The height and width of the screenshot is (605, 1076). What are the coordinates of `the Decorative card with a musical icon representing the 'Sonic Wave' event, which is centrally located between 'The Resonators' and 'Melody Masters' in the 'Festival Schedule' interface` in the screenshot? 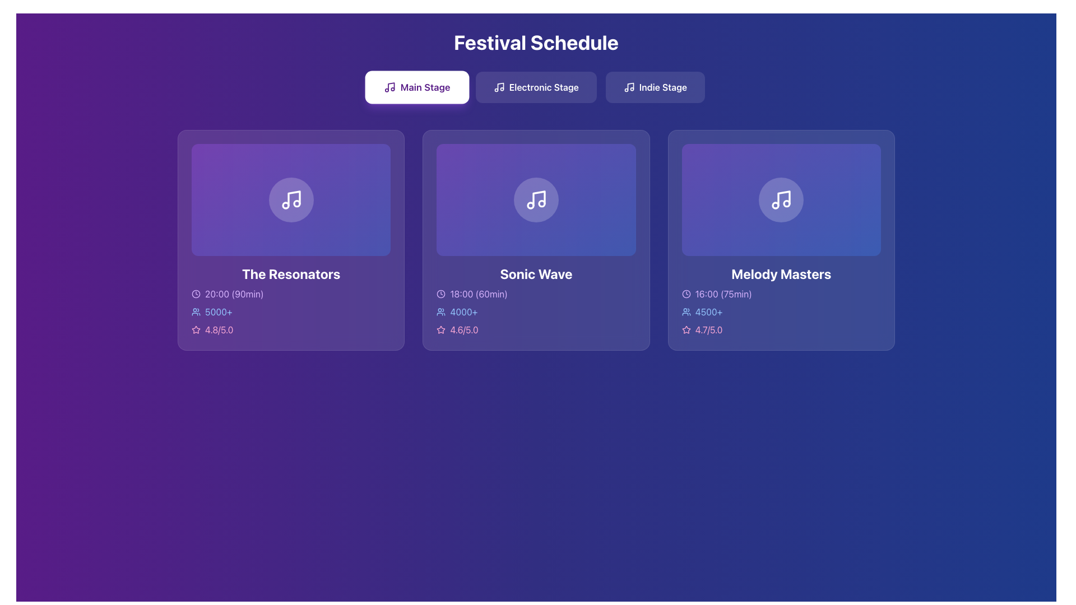 It's located at (535, 199).